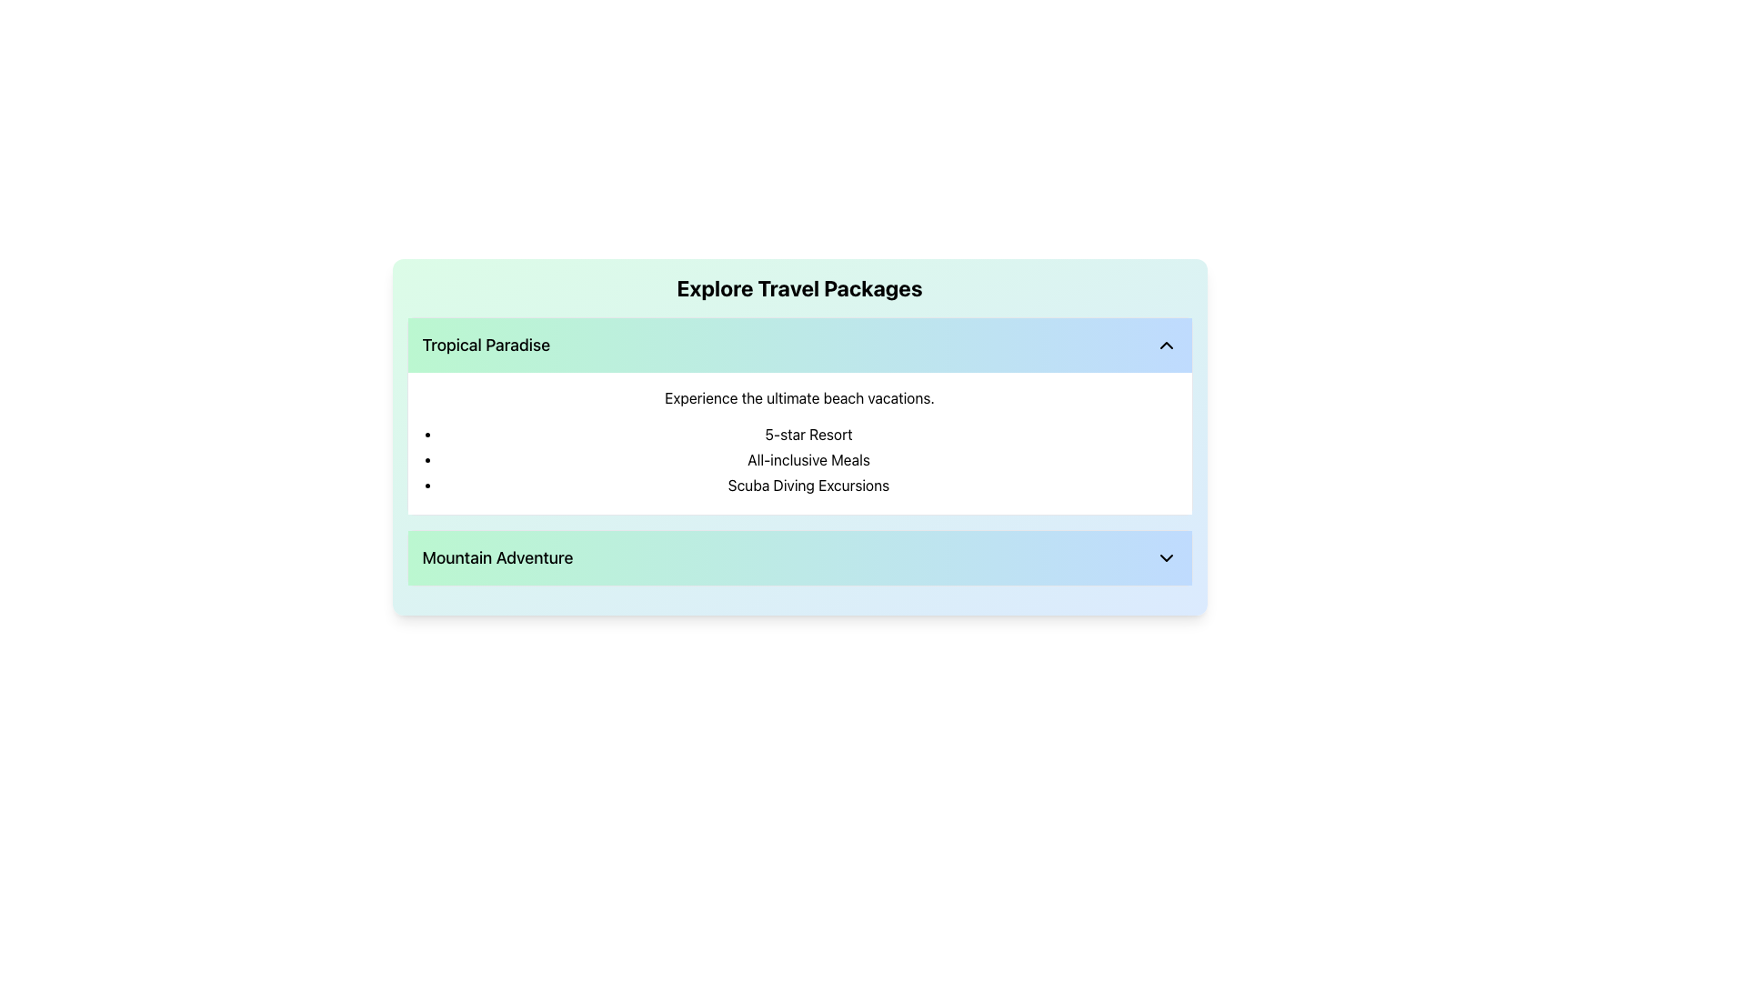 This screenshot has width=1746, height=982. I want to click on the downward-pointing chevron icon on the right edge of the 'Mountain Adventure' section, so click(1166, 556).